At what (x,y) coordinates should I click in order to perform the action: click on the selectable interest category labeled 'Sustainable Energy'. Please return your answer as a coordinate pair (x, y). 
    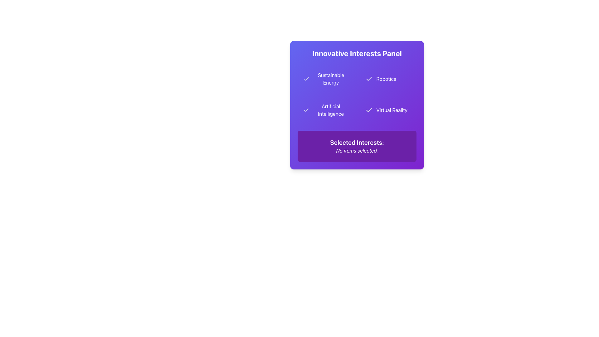
    Looking at the image, I should click on (326, 79).